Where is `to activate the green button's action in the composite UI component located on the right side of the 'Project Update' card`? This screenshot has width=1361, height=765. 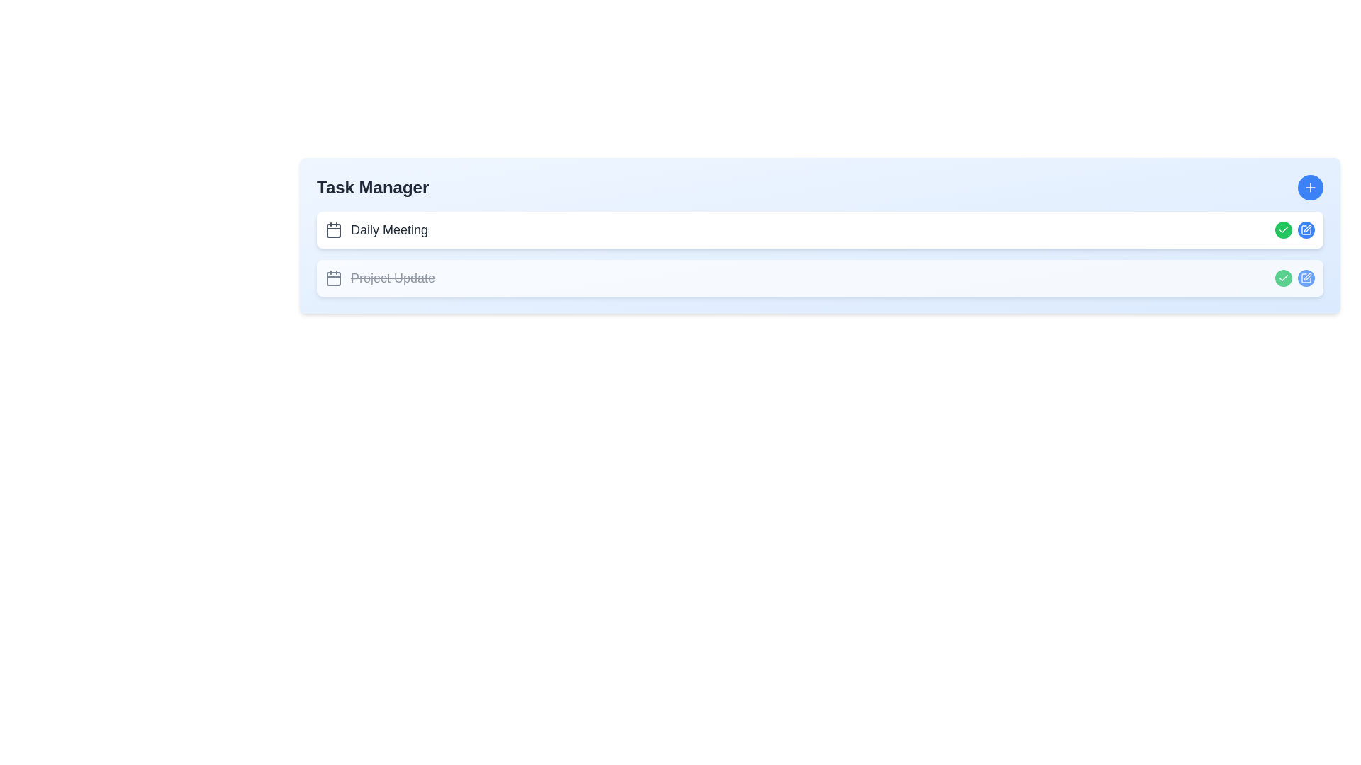 to activate the green button's action in the composite UI component located on the right side of the 'Project Update' card is located at coordinates (1295, 278).